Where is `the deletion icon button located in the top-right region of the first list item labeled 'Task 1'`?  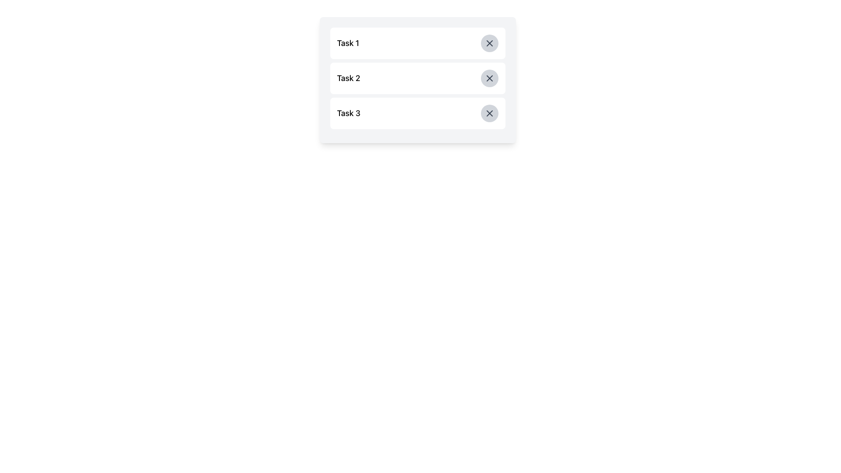 the deletion icon button located in the top-right region of the first list item labeled 'Task 1' is located at coordinates (489, 43).